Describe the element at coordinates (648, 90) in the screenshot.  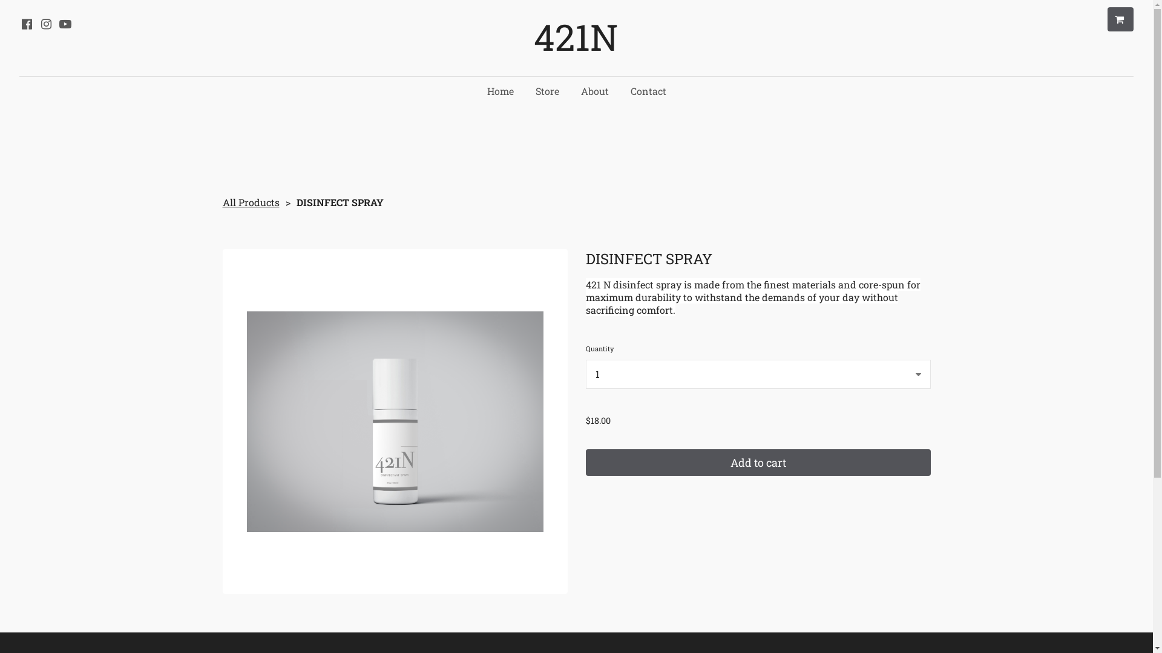
I see `'Contact'` at that location.